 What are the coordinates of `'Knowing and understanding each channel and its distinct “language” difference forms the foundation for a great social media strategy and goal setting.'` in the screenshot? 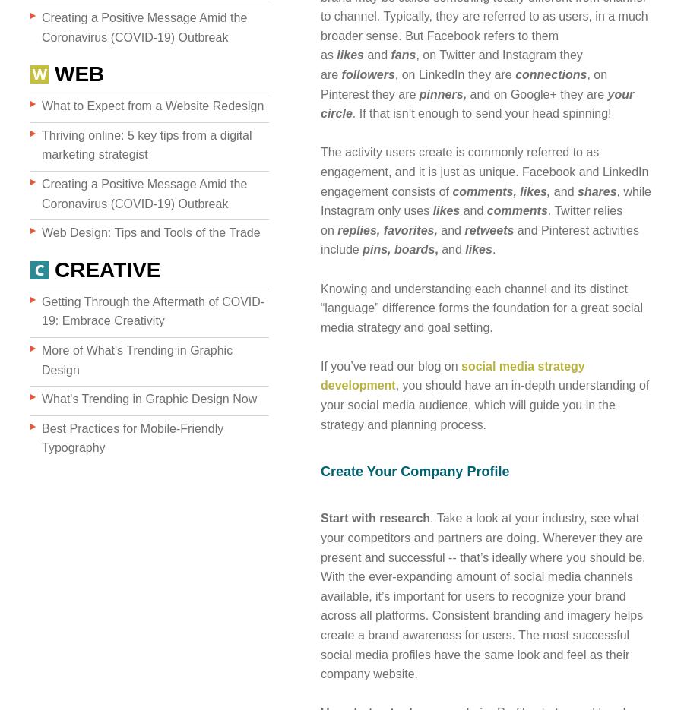 It's located at (321, 308).